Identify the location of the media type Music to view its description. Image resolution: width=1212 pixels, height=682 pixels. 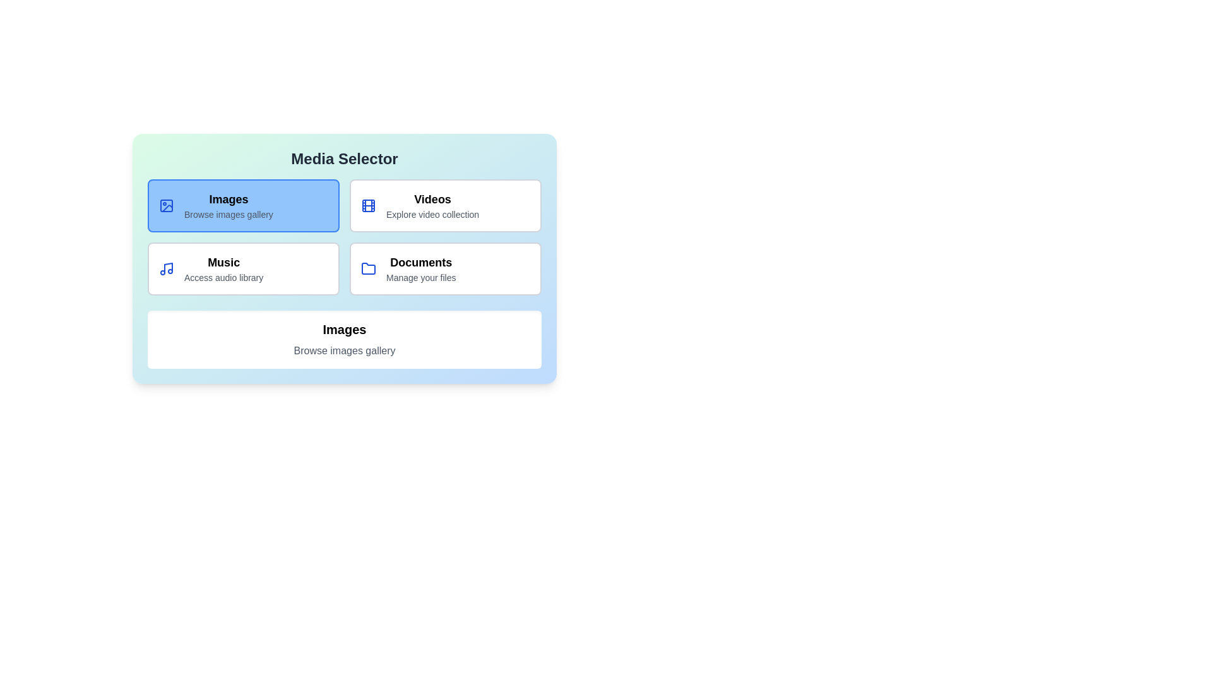
(243, 268).